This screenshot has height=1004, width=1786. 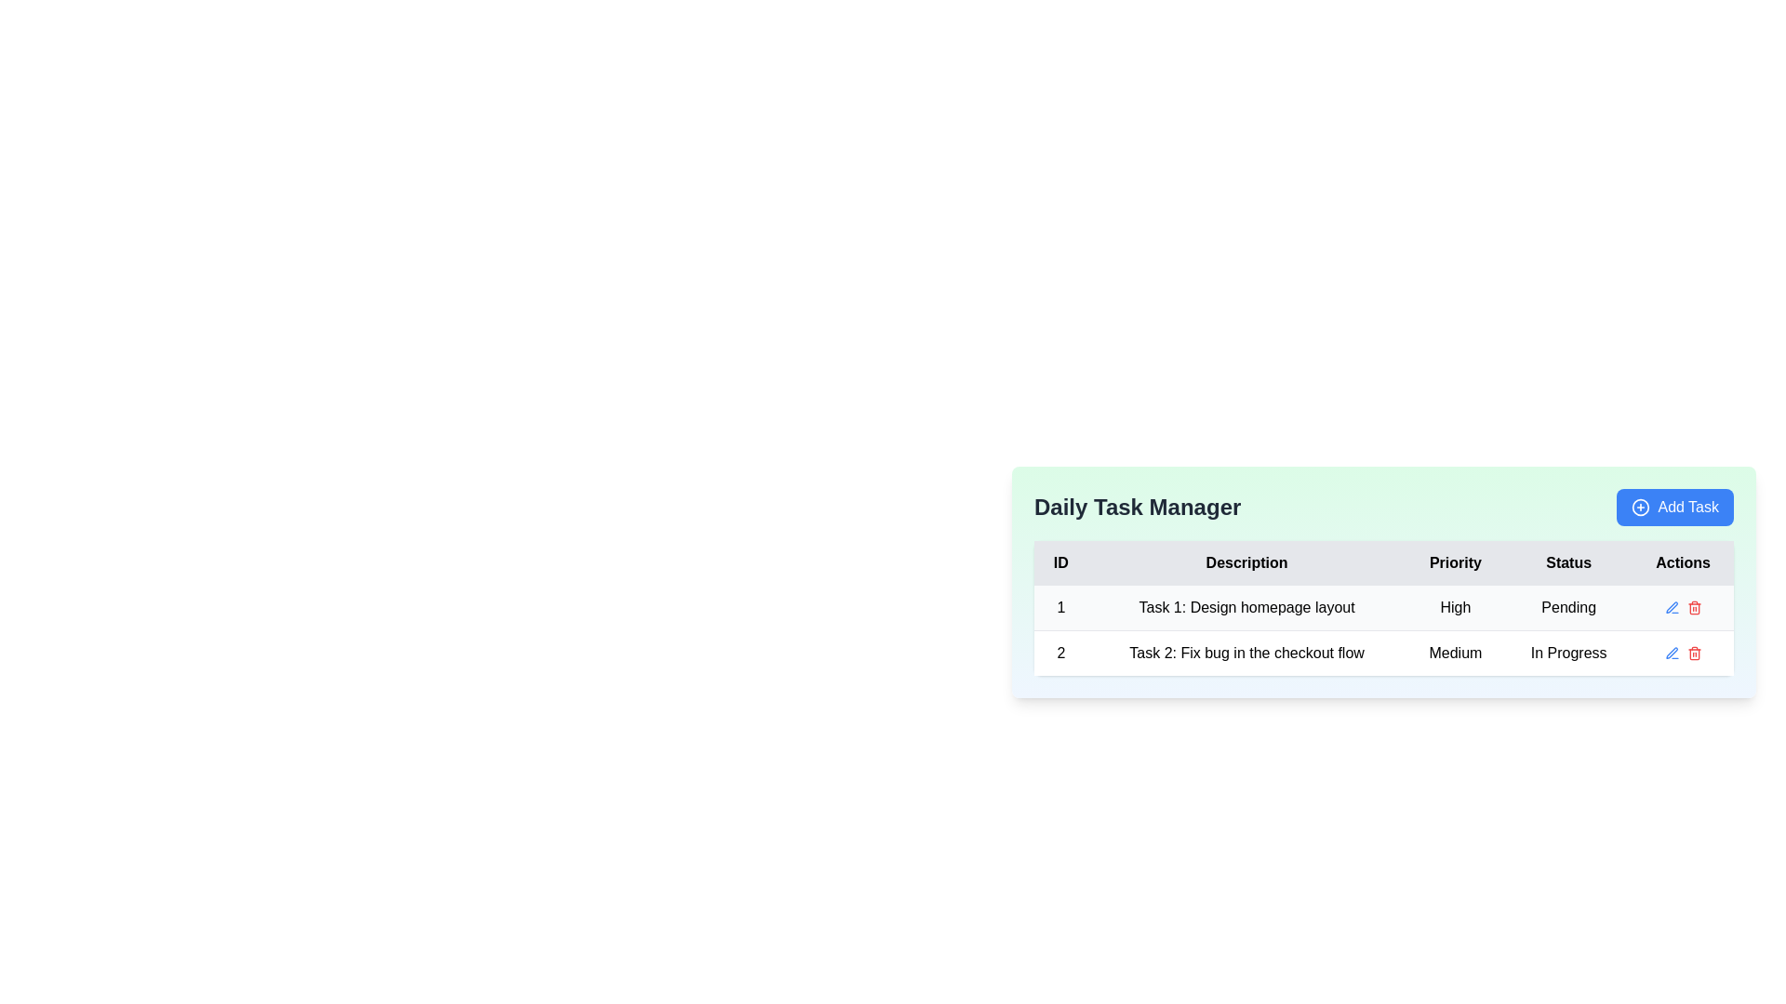 I want to click on the first row of the table in the 'Daily Task Manager' area, so click(x=1384, y=608).